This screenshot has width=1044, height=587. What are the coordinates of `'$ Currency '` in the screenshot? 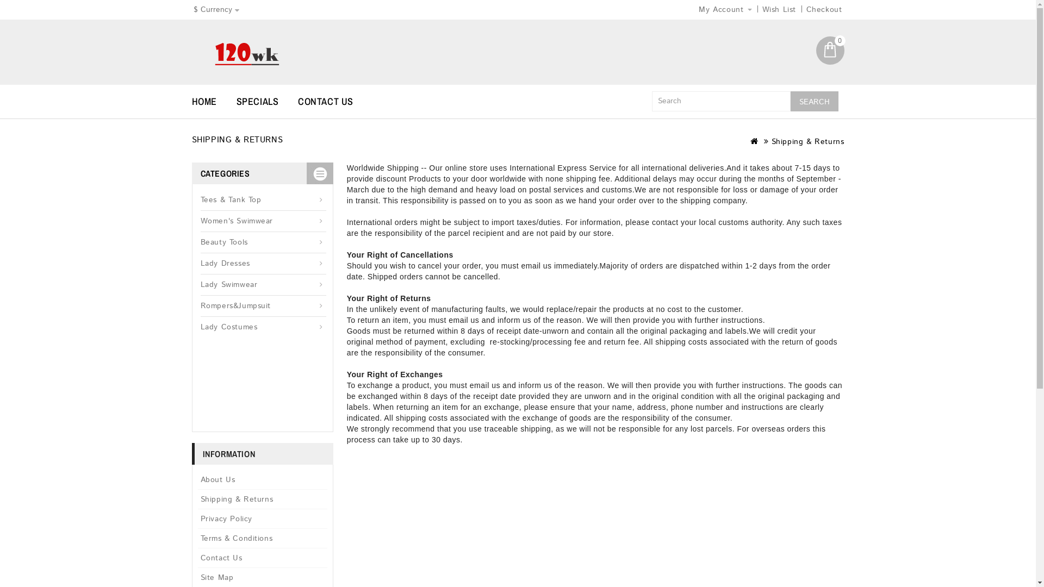 It's located at (216, 10).